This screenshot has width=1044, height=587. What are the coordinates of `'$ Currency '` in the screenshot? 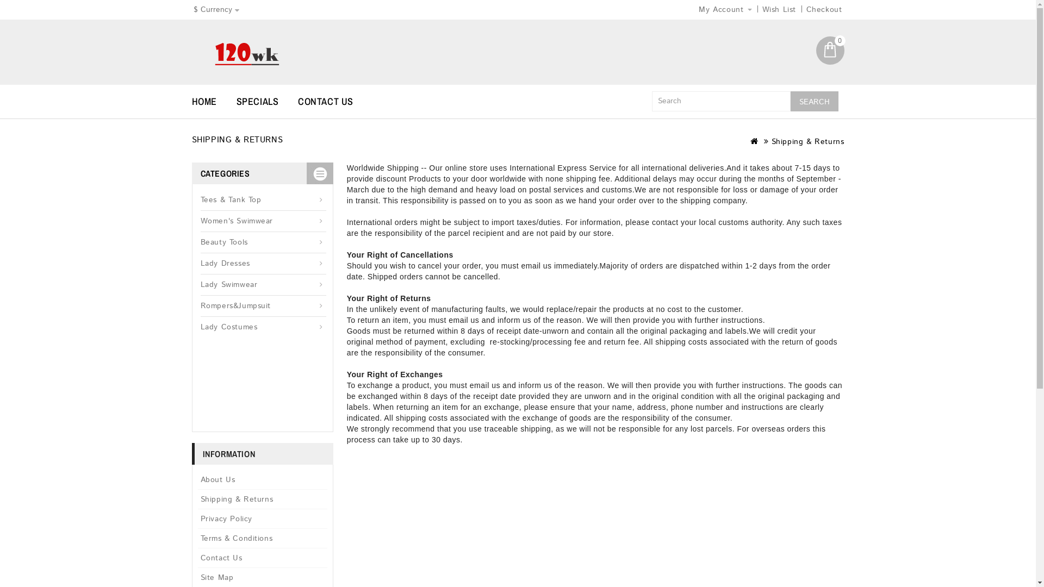 It's located at (216, 10).